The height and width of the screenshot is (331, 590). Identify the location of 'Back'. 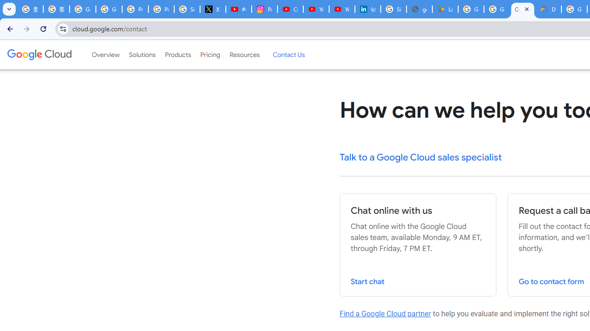
(9, 28).